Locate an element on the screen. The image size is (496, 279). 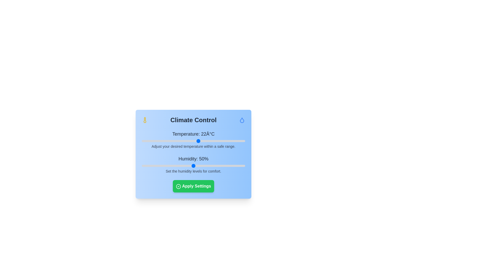
current value and description of the Slidable Range Input Control for humidity adjustment, which is identified by the label 'Humidity: 50%' and its descriptive text 'Set the humidity levels for comfort.' is located at coordinates (193, 164).